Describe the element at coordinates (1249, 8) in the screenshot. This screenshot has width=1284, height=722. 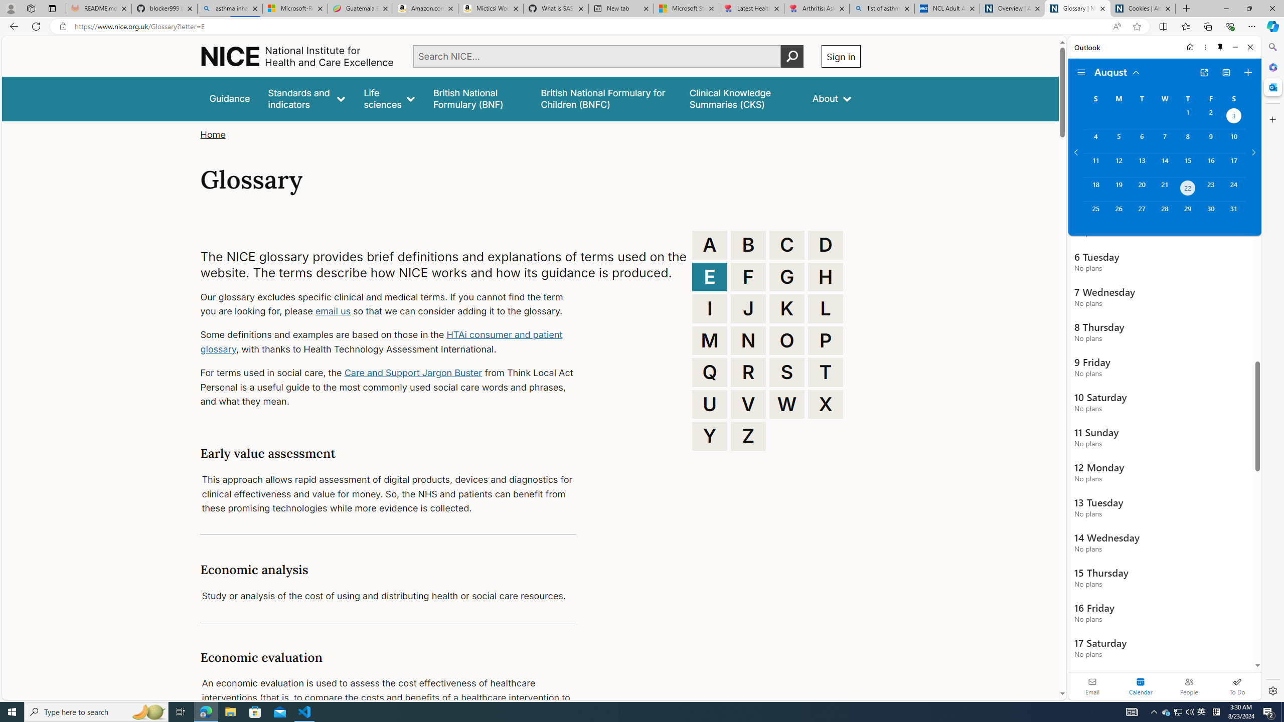
I see `'Restore'` at that location.